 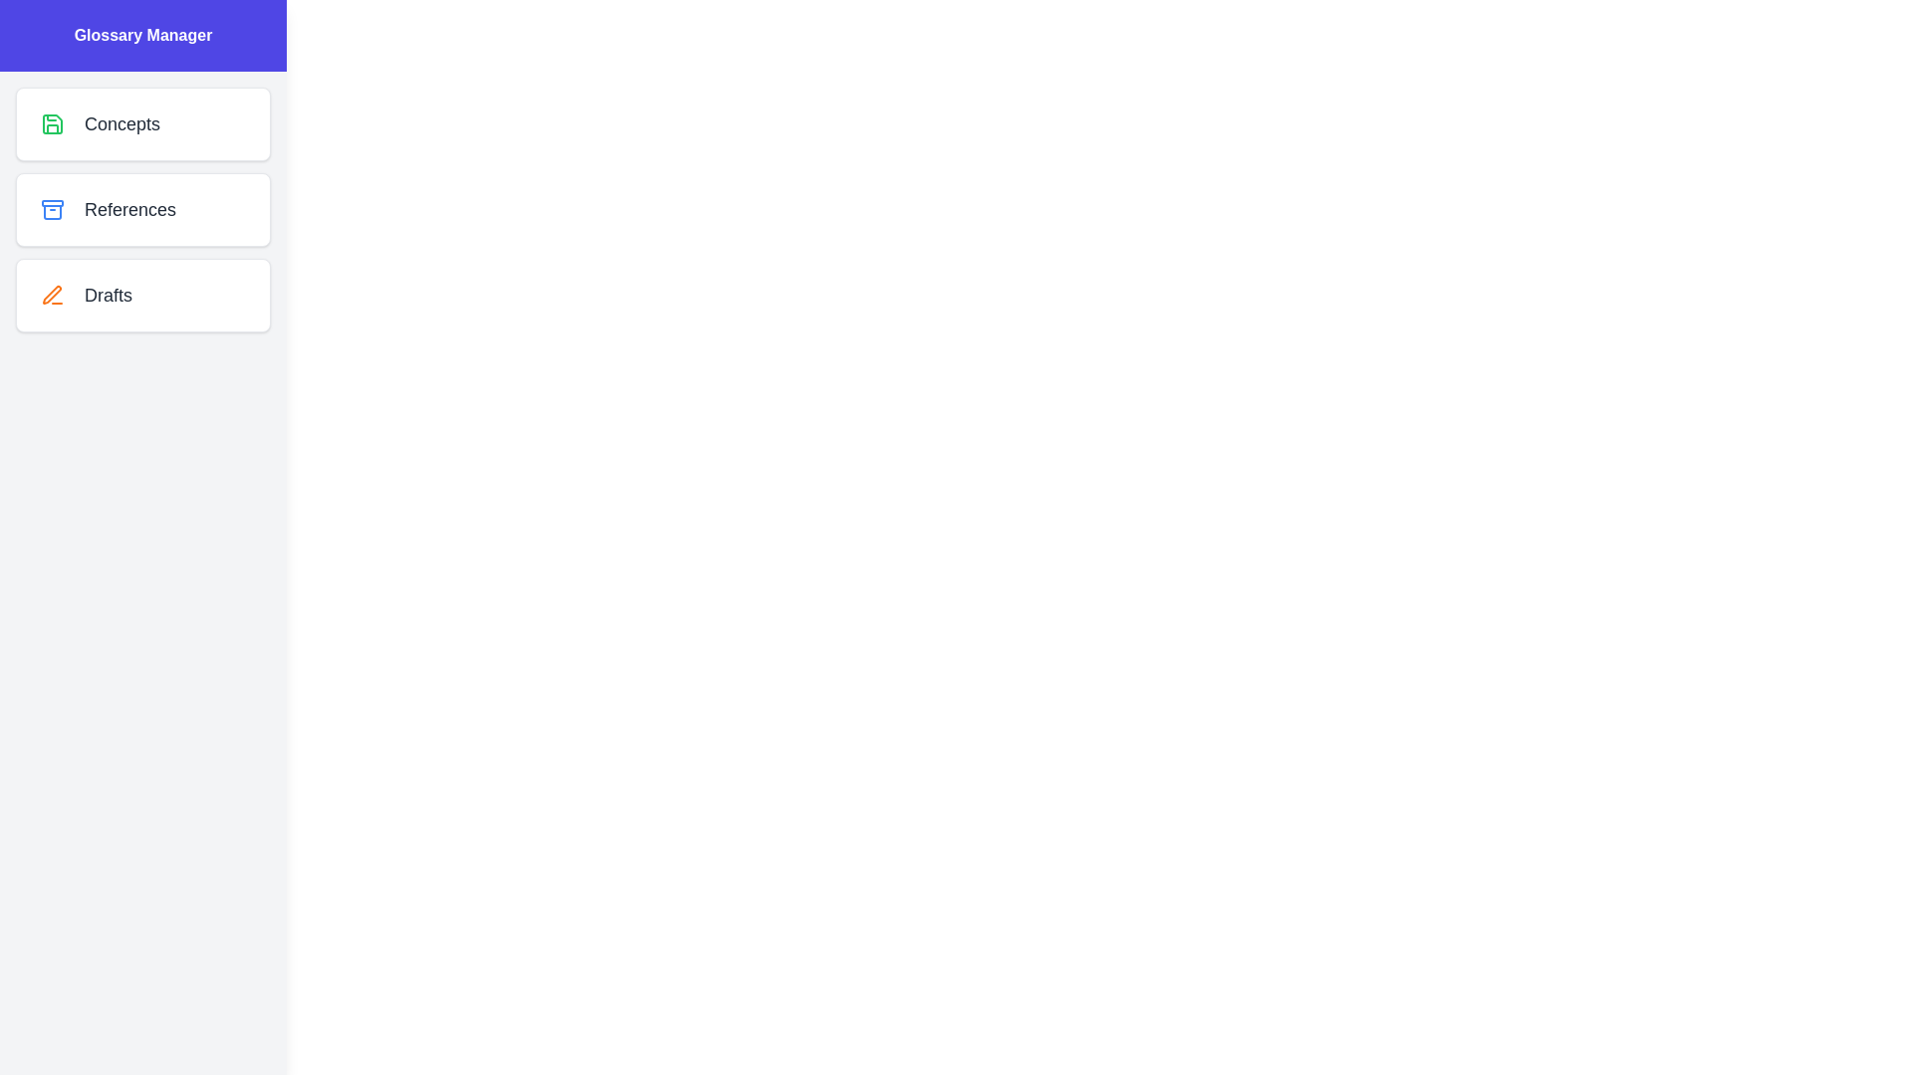 What do you see at coordinates (142, 123) in the screenshot?
I see `the list item corresponding to the category Concepts` at bounding box center [142, 123].